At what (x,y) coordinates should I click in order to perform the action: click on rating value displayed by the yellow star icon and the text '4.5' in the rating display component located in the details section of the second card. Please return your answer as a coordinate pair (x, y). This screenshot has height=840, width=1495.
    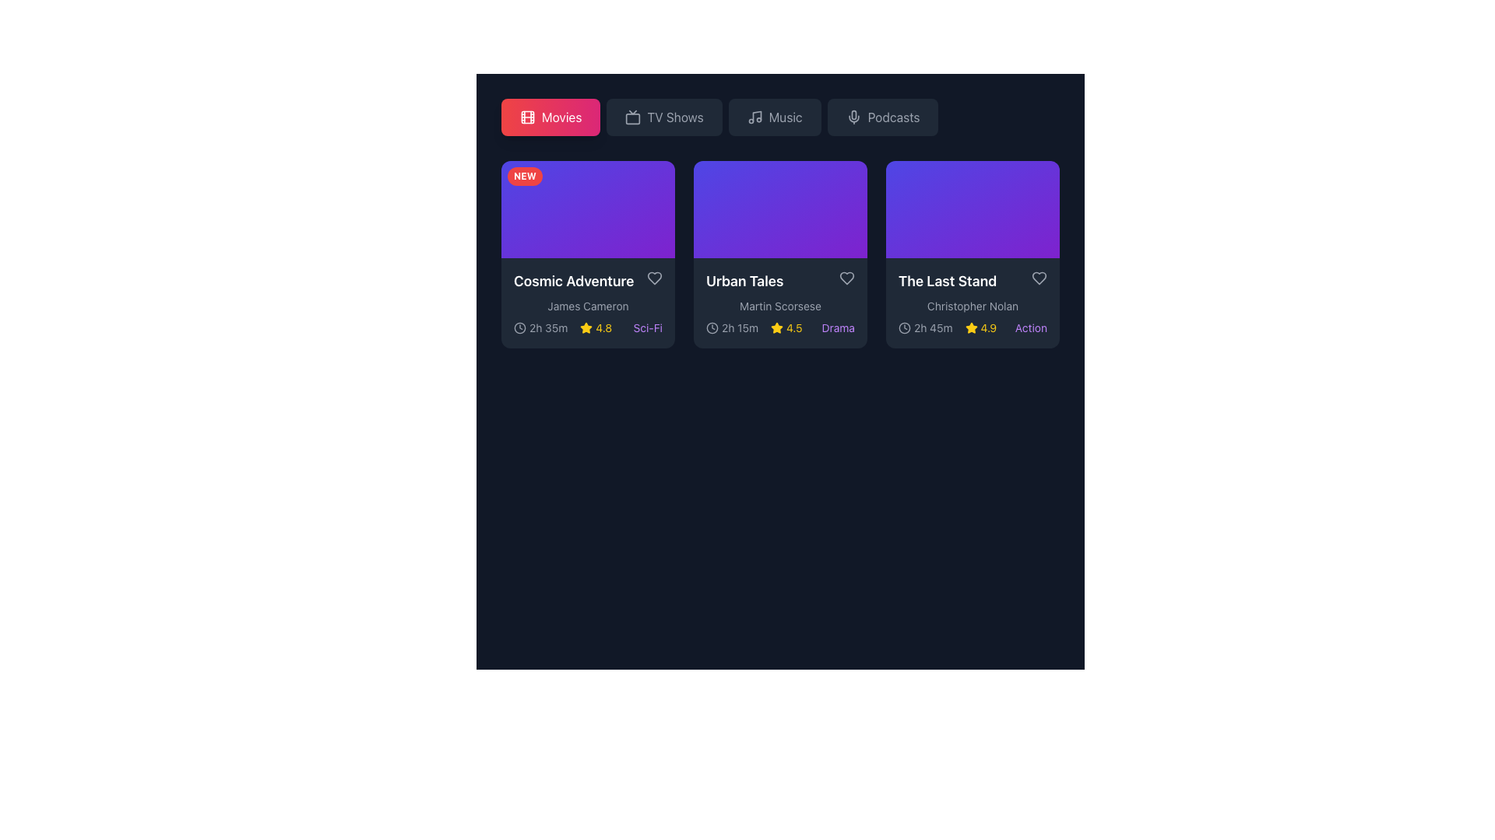
    Looking at the image, I should click on (786, 327).